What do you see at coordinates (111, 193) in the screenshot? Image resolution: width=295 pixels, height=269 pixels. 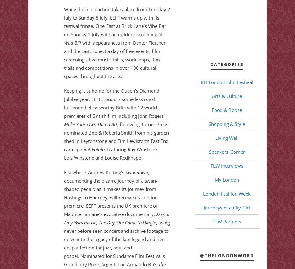 I see `', documenting the bizarre journey of a swan-shaped pedalo as it makes its journey from Hastings to Hackney, will receive its London premiere. EEFF presents the UK premiere of Maurice Linnane’s evocative documentary,'` at bounding box center [111, 193].